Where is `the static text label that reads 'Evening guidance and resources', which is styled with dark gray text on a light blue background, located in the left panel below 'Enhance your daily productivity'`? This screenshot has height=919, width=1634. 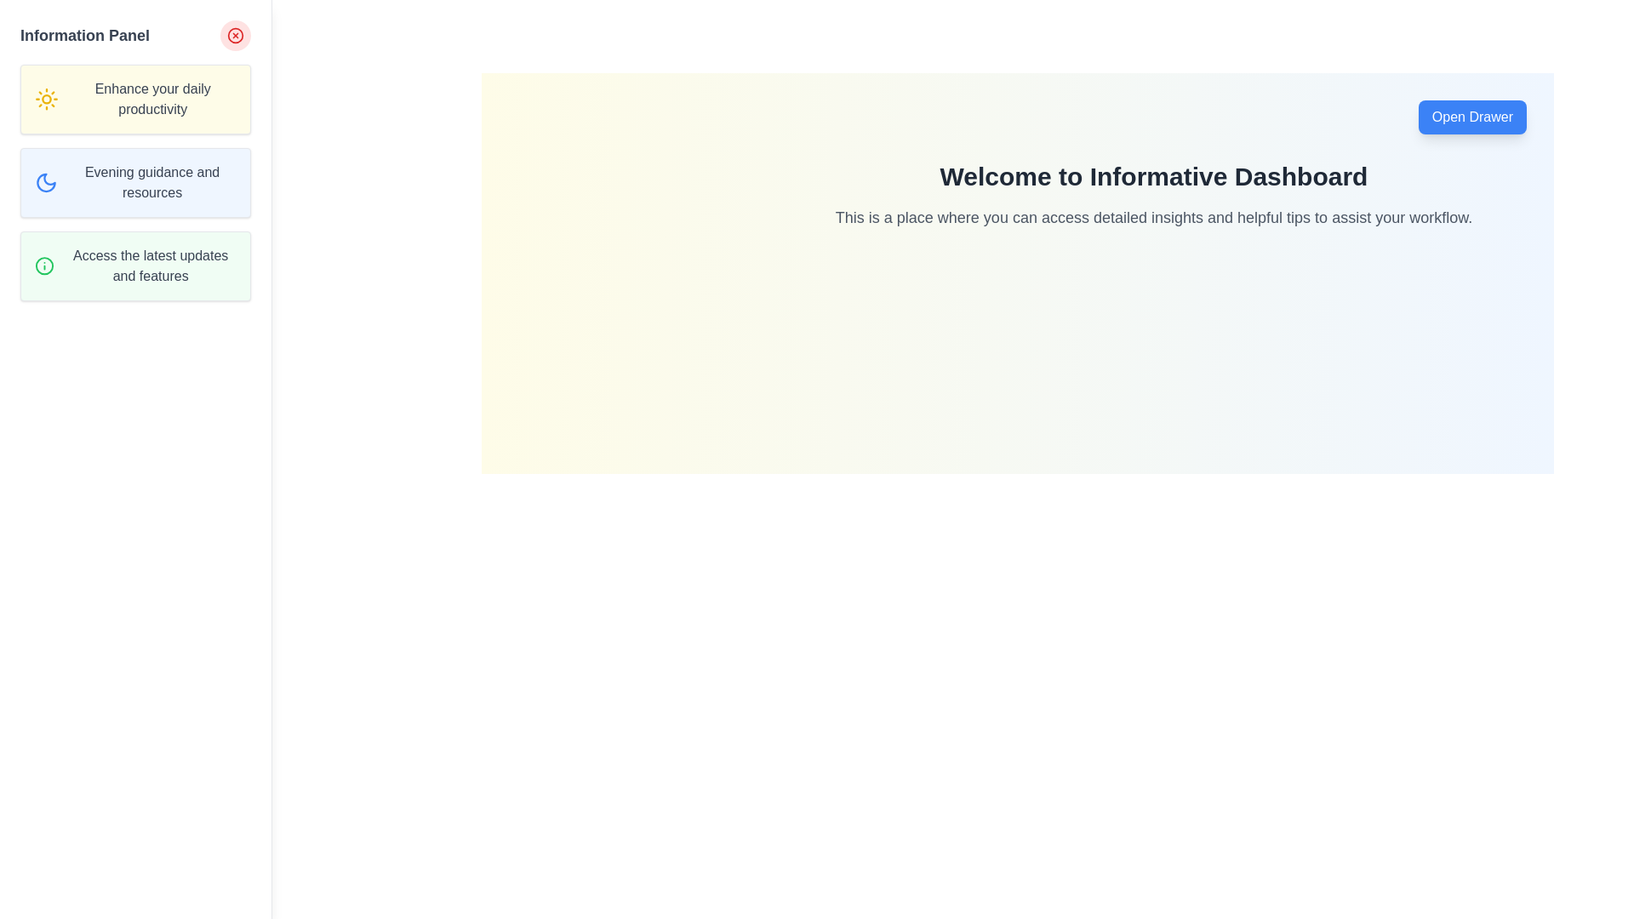
the static text label that reads 'Evening guidance and resources', which is styled with dark gray text on a light blue background, located in the left panel below 'Enhance your daily productivity' is located at coordinates (152, 183).